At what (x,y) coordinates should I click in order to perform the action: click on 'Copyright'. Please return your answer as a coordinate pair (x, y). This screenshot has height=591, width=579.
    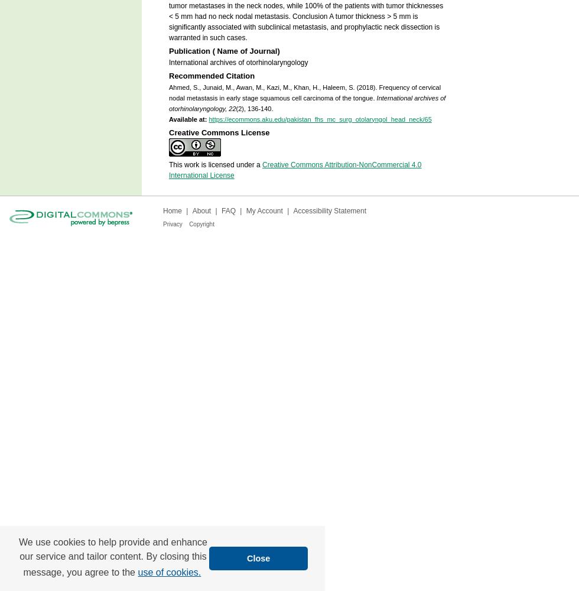
    Looking at the image, I should click on (201, 224).